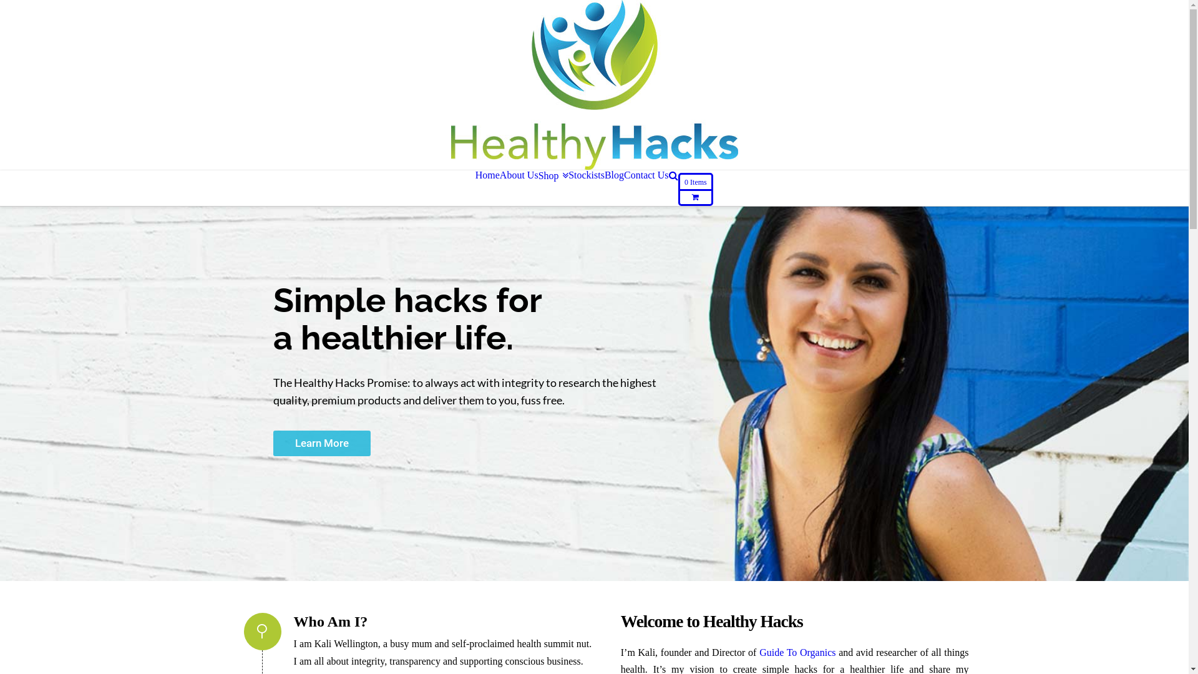  I want to click on '0 Items', so click(695, 188).